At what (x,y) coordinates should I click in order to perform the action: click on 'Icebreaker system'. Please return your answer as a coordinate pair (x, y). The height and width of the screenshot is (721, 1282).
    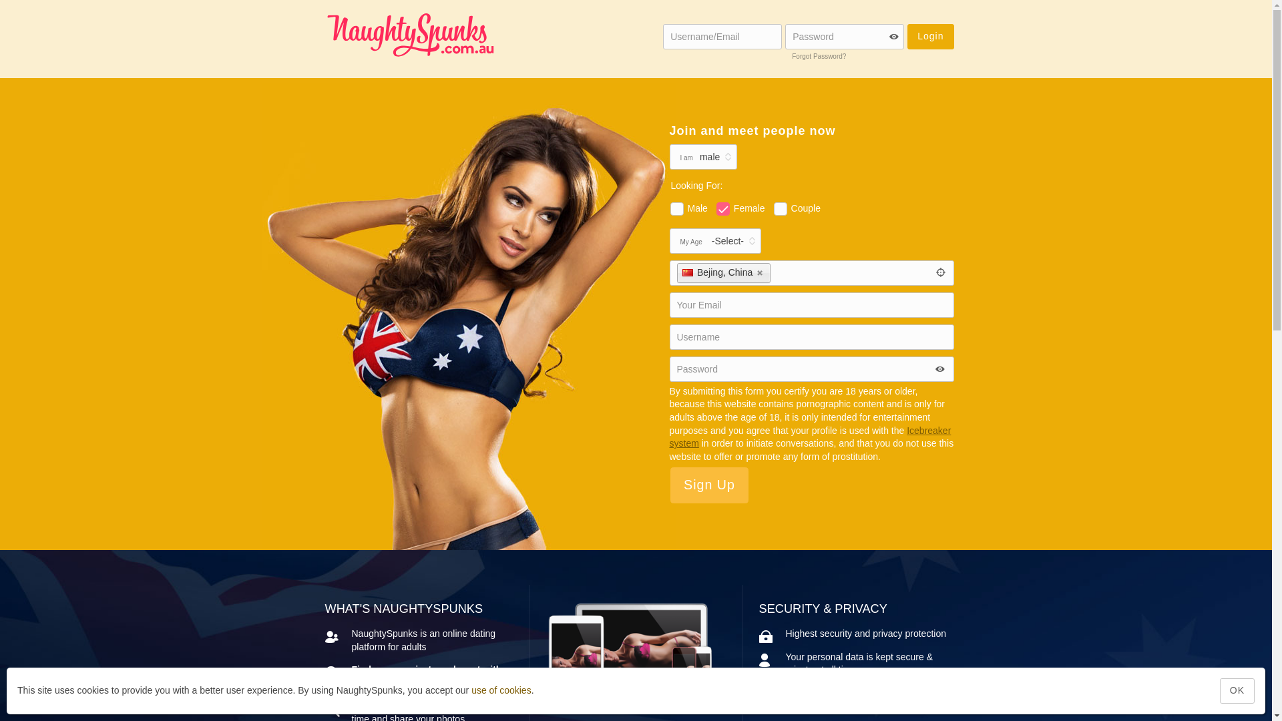
    Looking at the image, I should click on (809, 437).